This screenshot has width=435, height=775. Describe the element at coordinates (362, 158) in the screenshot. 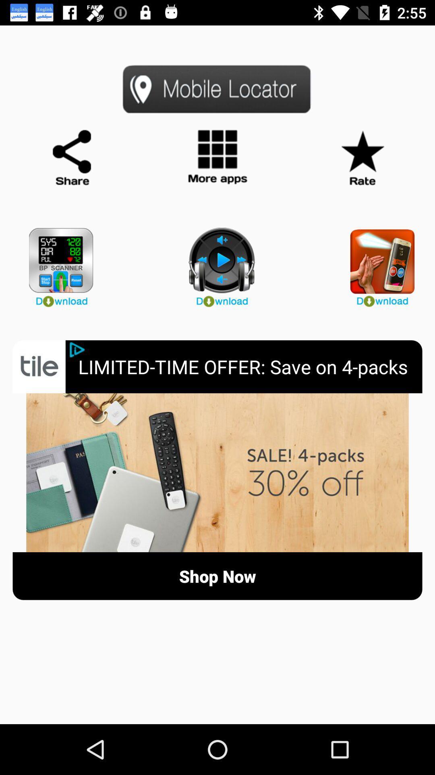

I see `a rating` at that location.